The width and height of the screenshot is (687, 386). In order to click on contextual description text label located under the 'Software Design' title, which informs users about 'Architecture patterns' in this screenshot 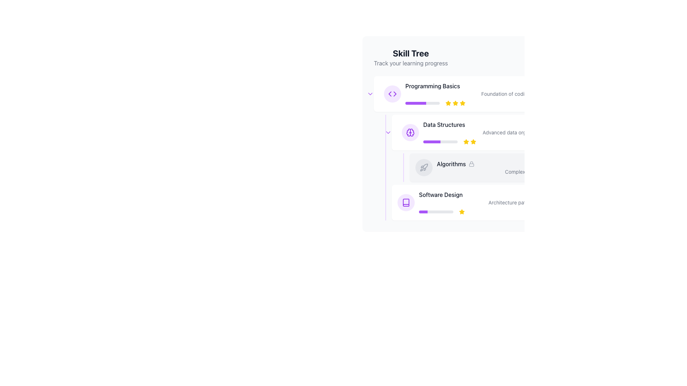, I will do `click(512, 203)`.